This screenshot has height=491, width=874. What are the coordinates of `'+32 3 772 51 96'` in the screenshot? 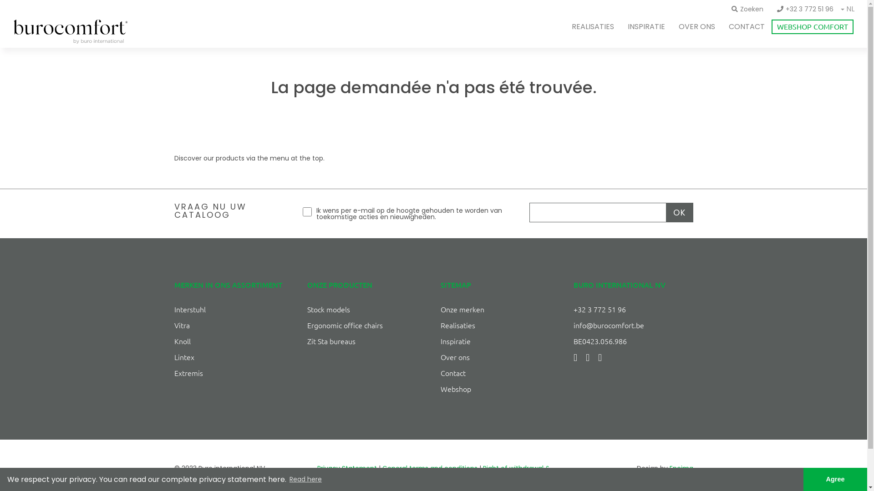 It's located at (805, 9).